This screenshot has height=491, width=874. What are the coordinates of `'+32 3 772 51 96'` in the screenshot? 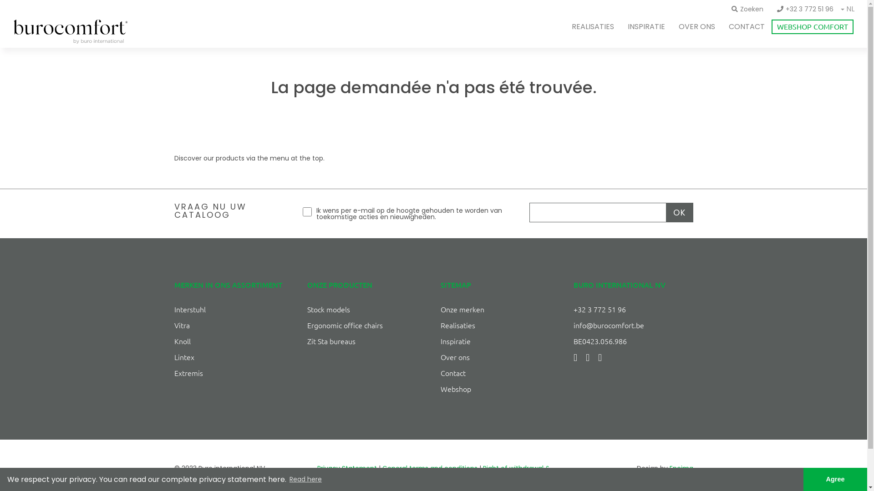 It's located at (805, 9).